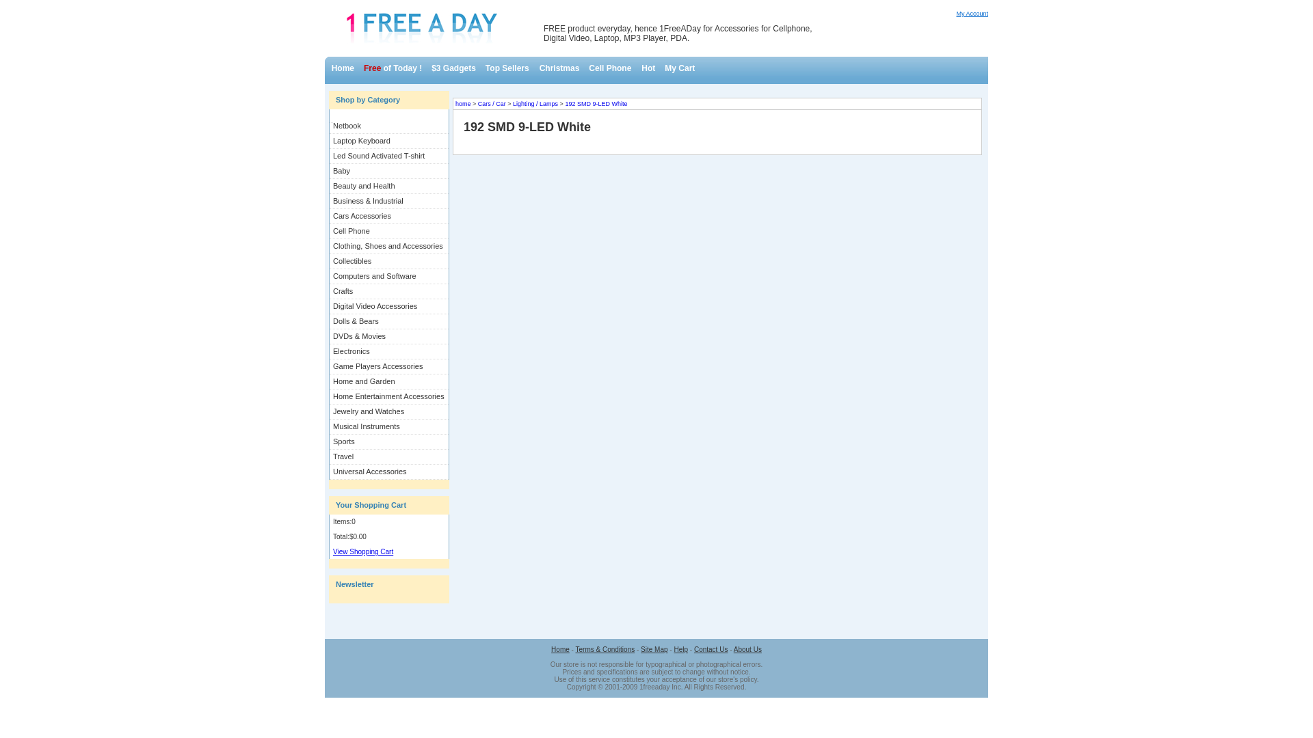 The image size is (1313, 738). What do you see at coordinates (693, 648) in the screenshot?
I see `'Contact Us'` at bounding box center [693, 648].